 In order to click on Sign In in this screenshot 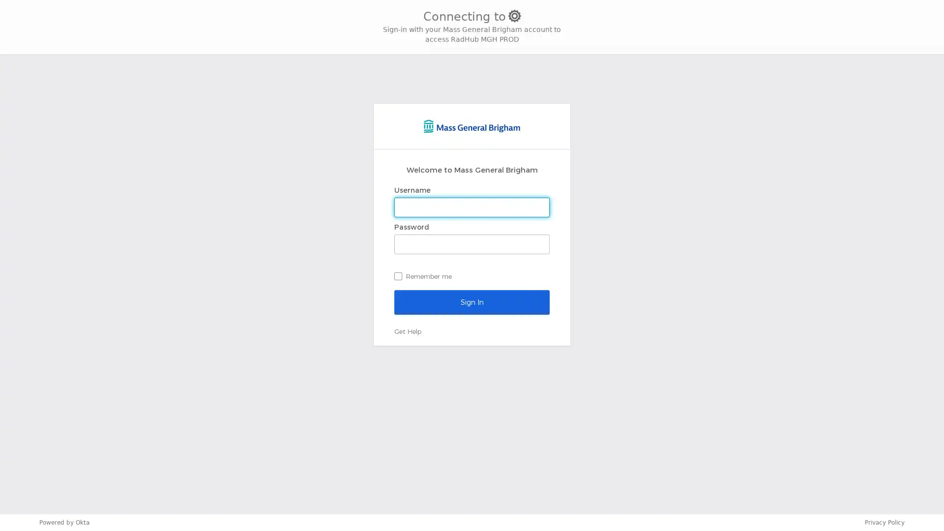, I will do `click(472, 301)`.